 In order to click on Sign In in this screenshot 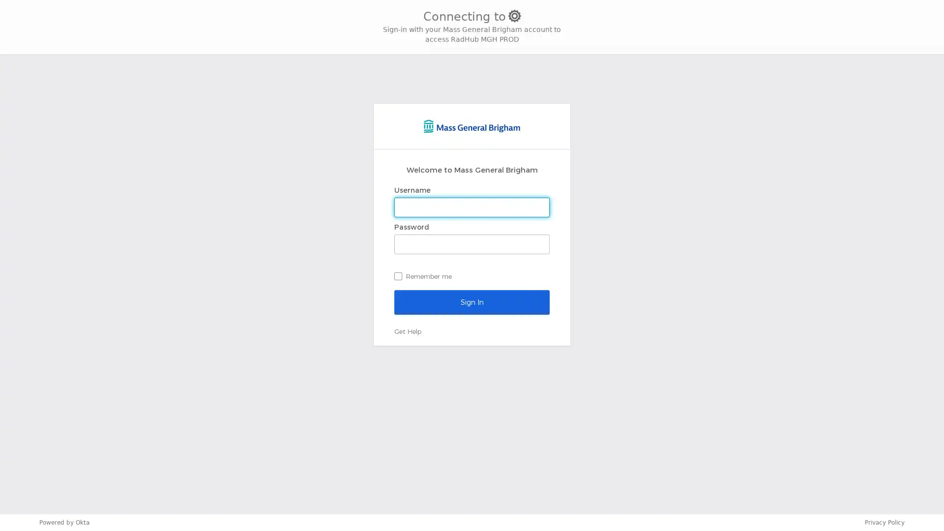, I will do `click(472, 301)`.